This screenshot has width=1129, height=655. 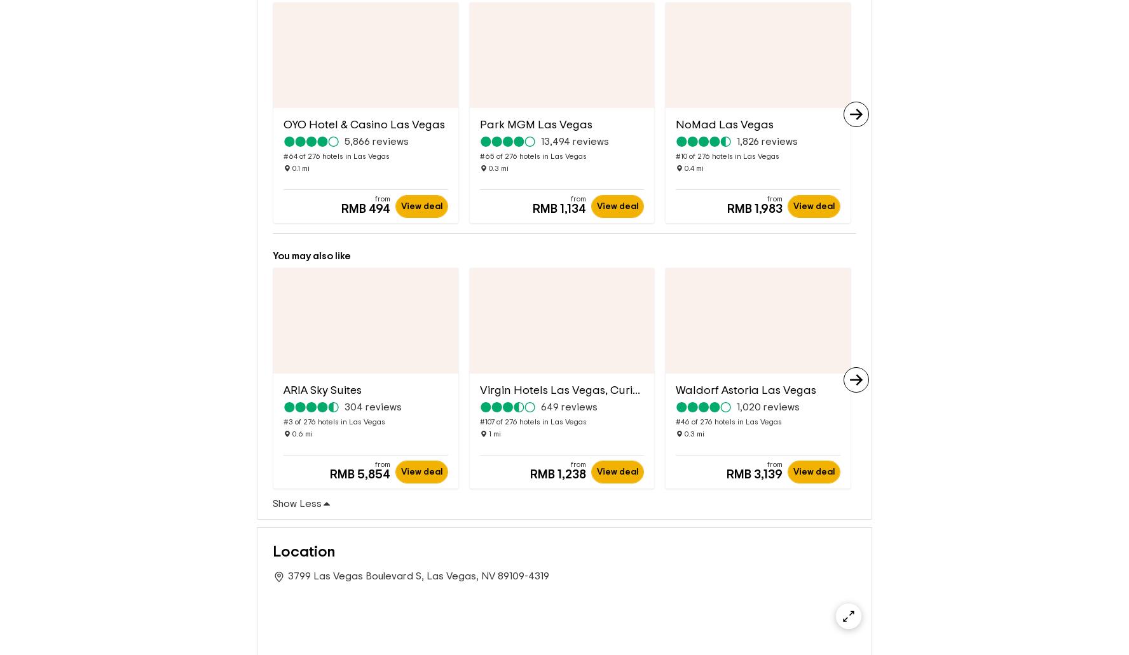 I want to click on '#64 of 276 hotels in Las Vegas', so click(x=282, y=136).